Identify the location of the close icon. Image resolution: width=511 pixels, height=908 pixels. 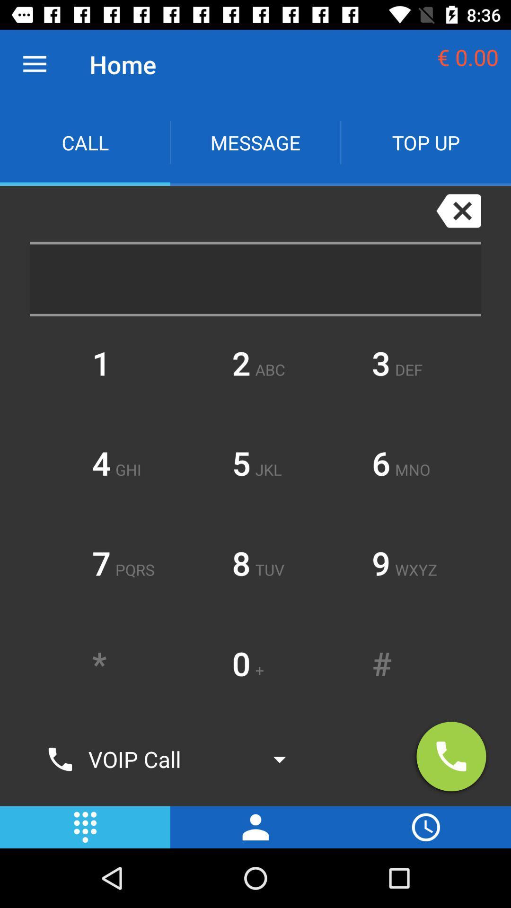
(458, 210).